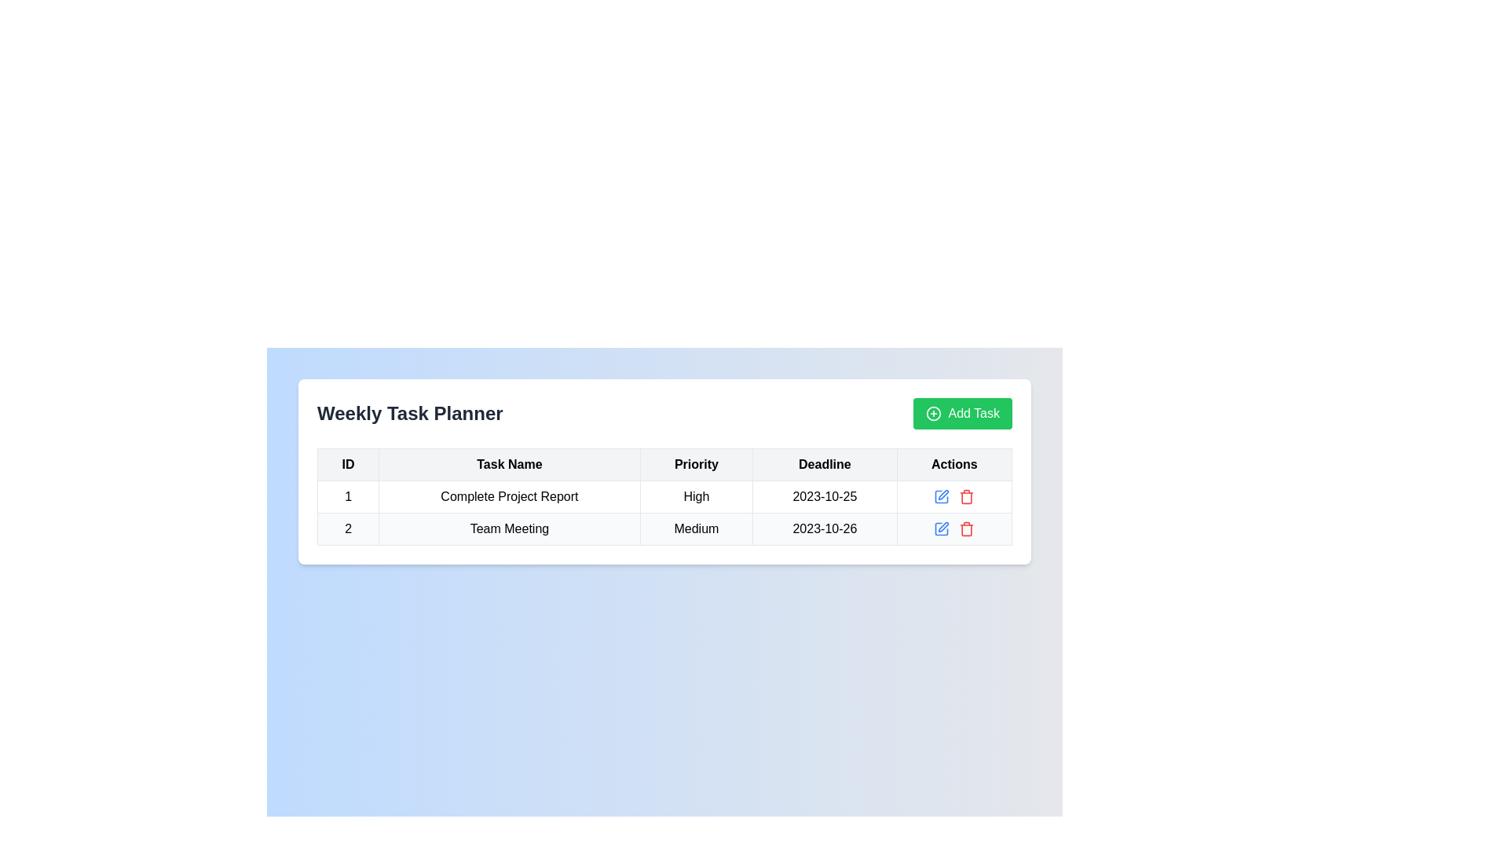  I want to click on the table header cell displaying the text 'ID' in bold, located at the top-left corner of the table, so click(347, 463).